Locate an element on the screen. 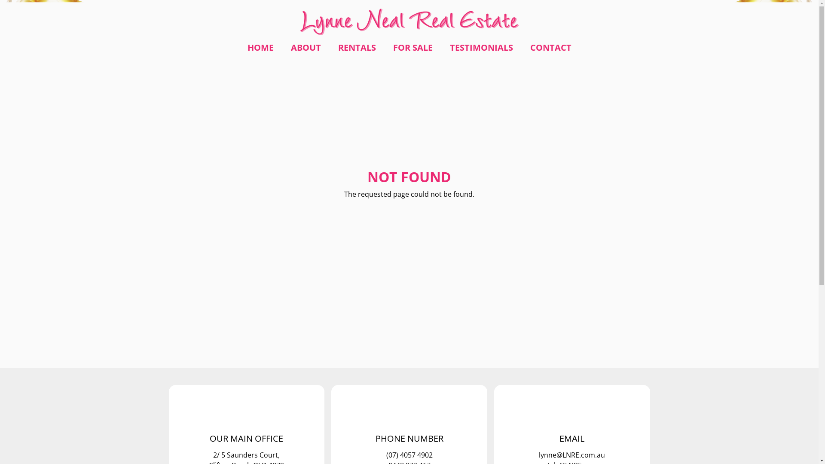 This screenshot has height=464, width=825. 'CONTACT' is located at coordinates (521, 48).